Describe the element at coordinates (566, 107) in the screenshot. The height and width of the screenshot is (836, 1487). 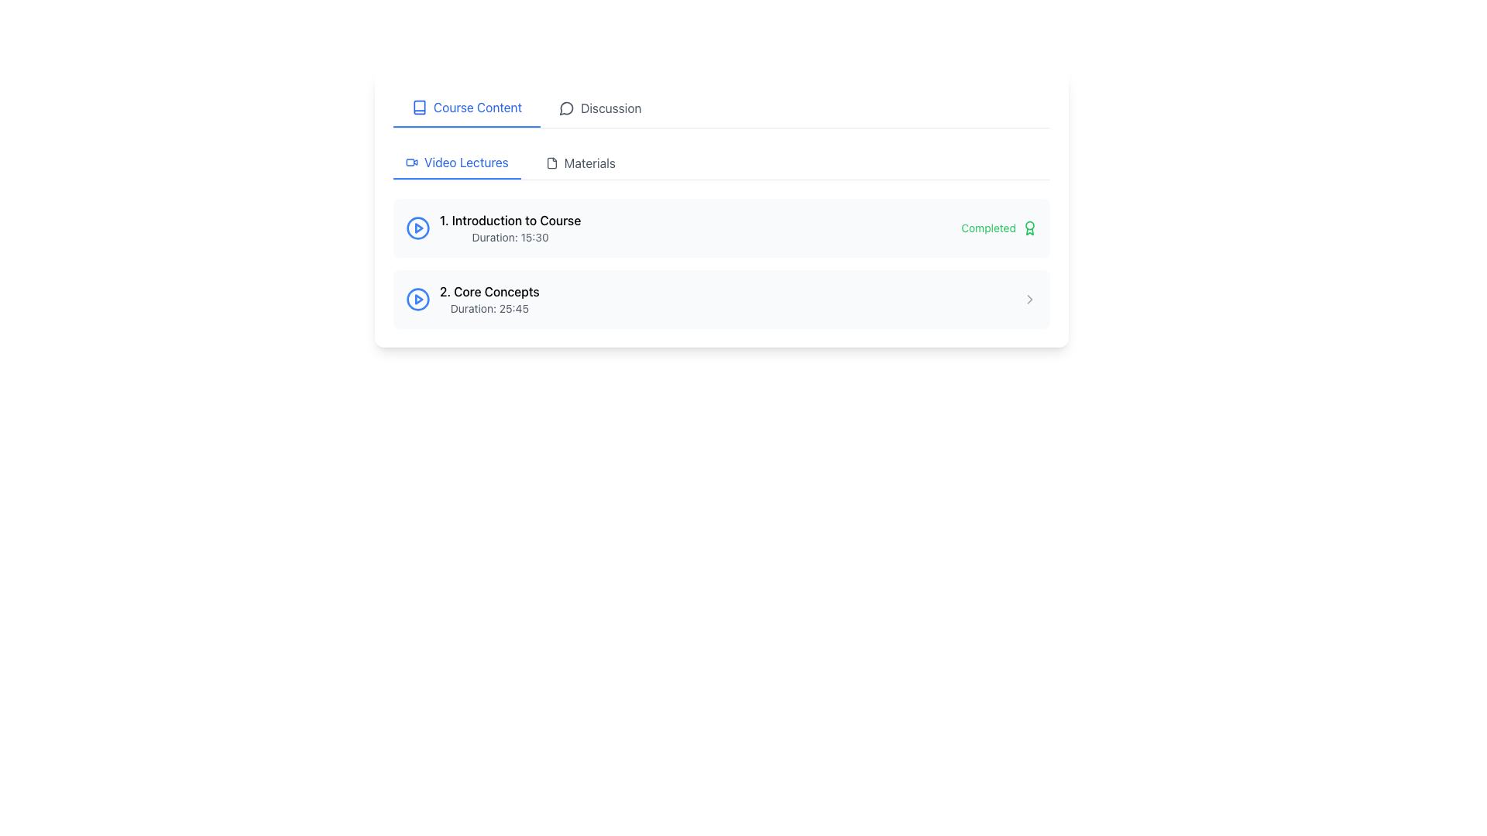
I see `the 'Discussion' icon located next to the text 'Discussion' in the top navigation menu` at that location.